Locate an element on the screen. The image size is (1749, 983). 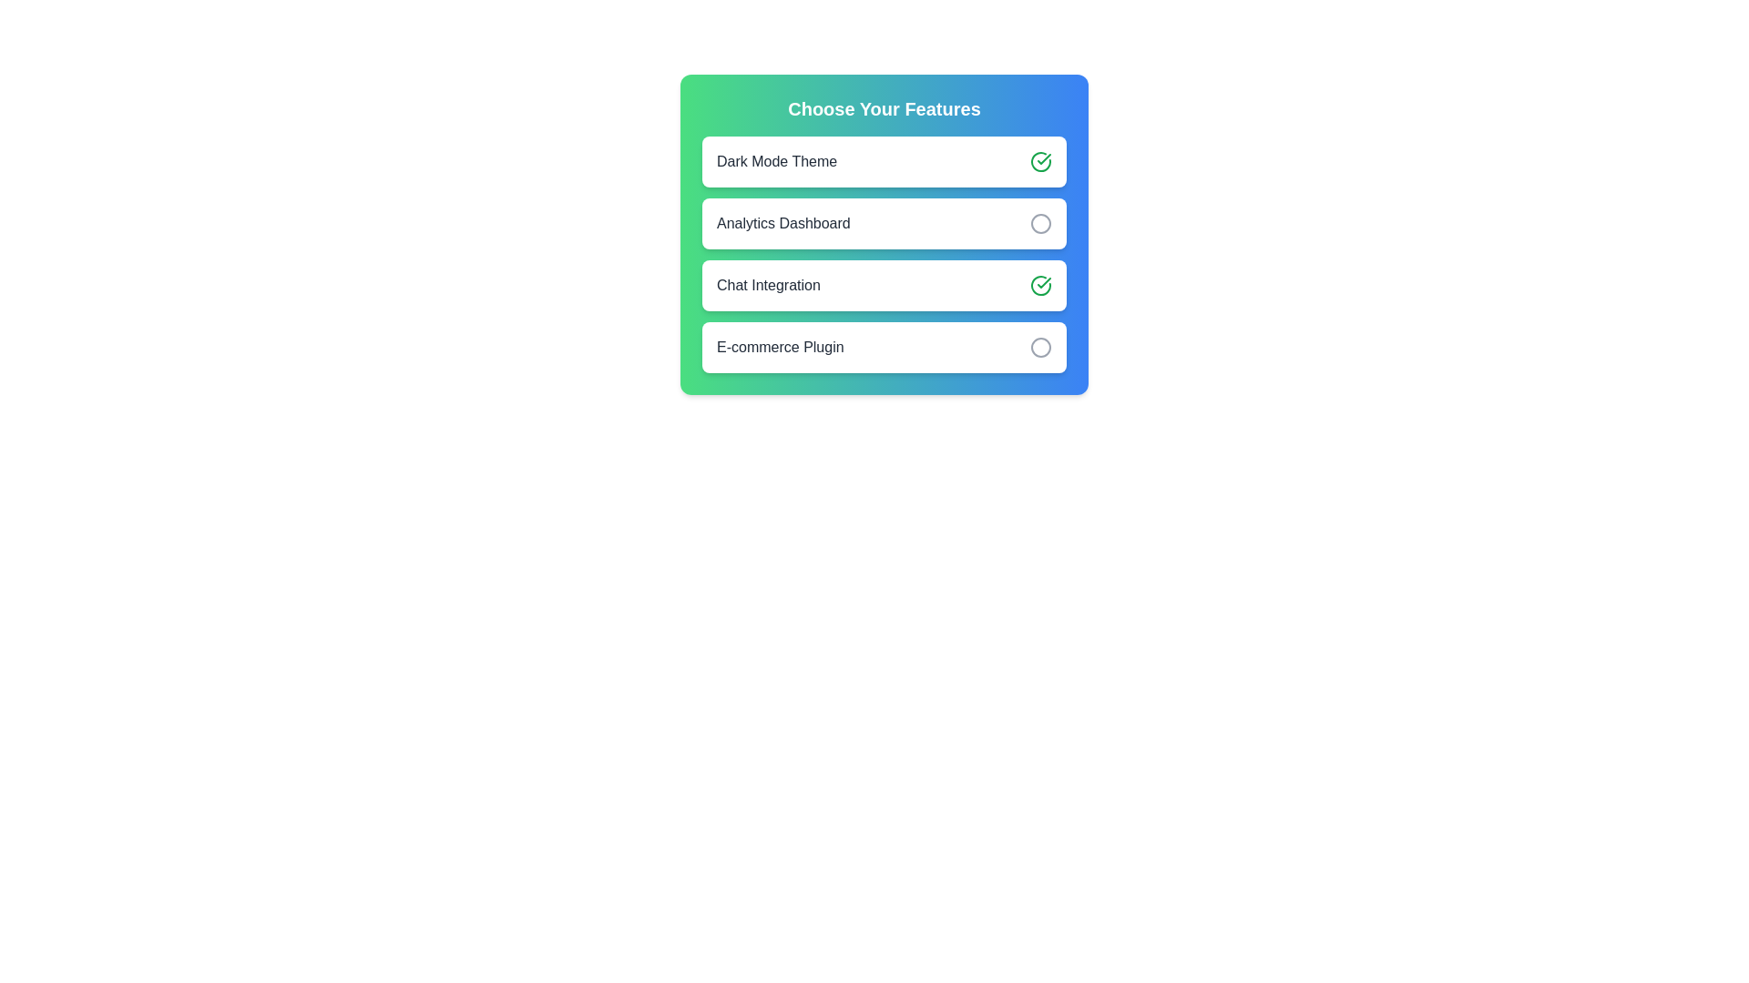
the feature Chat Integration is located at coordinates (1040, 285).